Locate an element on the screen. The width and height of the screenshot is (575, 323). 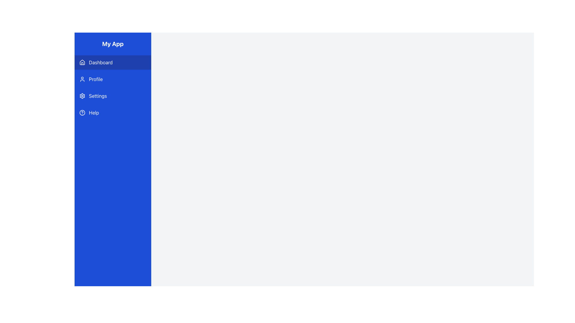
the 'Help' menu item represented by the SVG Circle element is located at coordinates (82, 113).